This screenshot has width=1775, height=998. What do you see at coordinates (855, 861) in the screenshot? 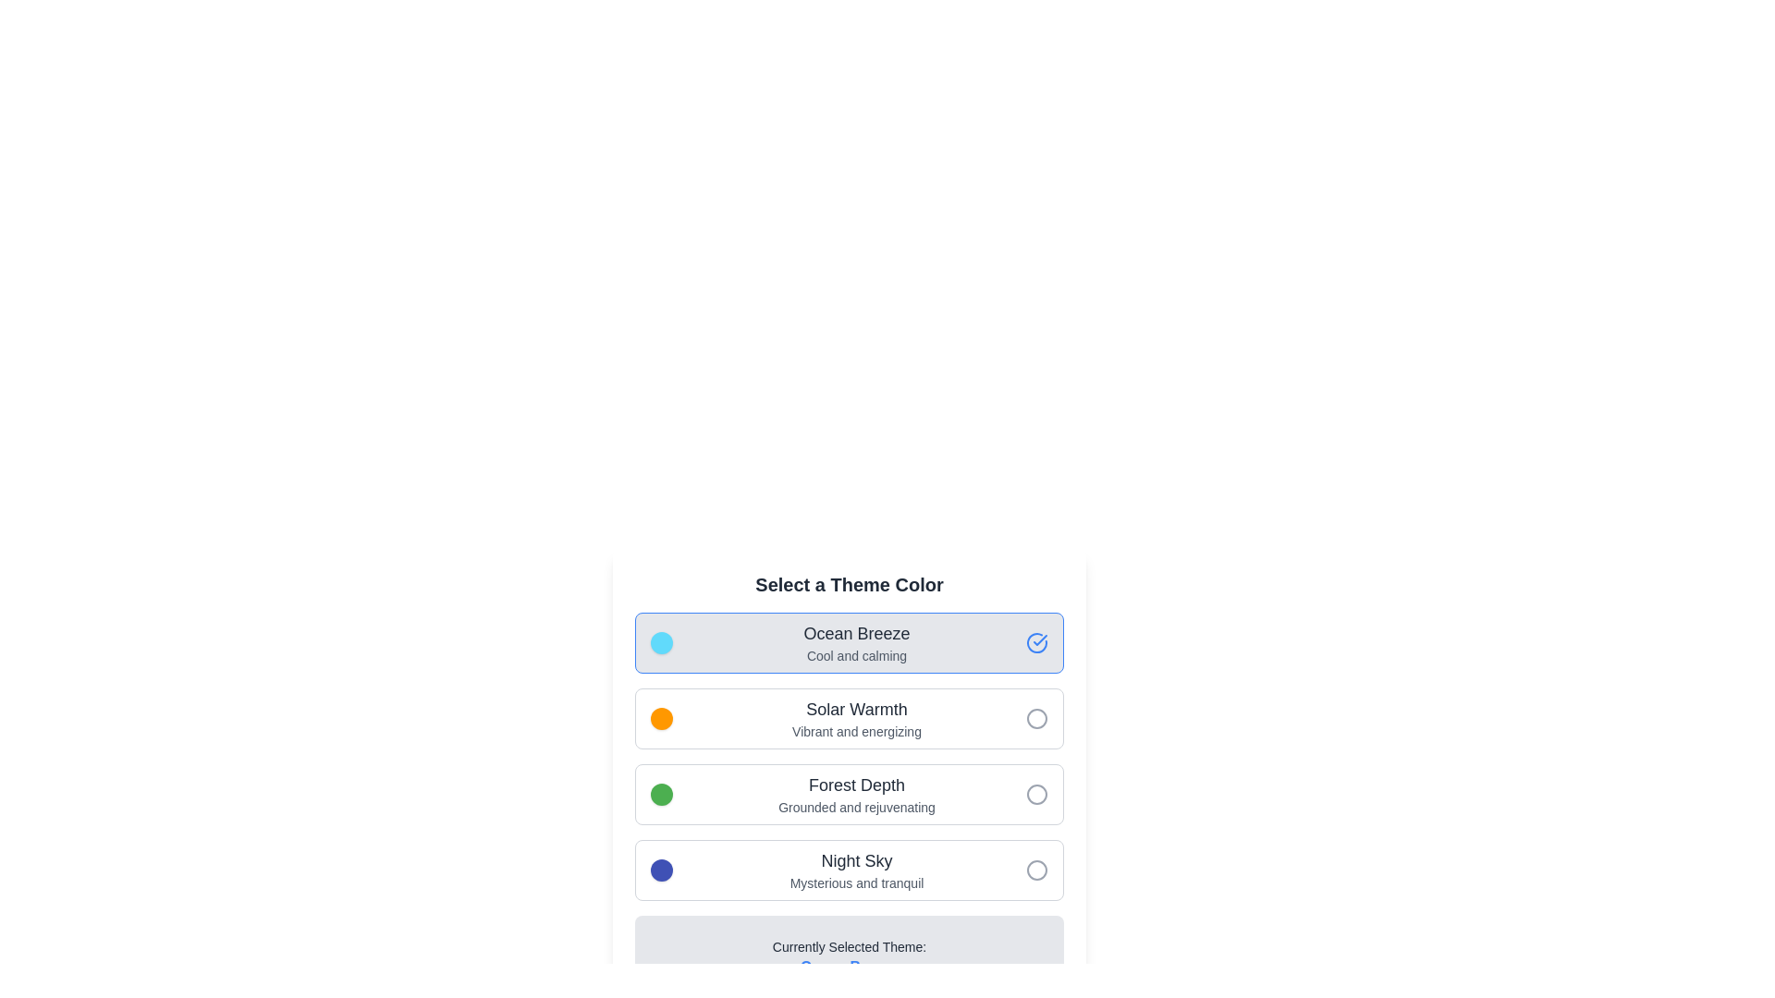
I see `title text label that conveys the name of the theme in the fourth row of the 'Select a Theme Color' list, located above 'Mysterious and tranquil' and to the right of a circular color indicator` at bounding box center [855, 861].